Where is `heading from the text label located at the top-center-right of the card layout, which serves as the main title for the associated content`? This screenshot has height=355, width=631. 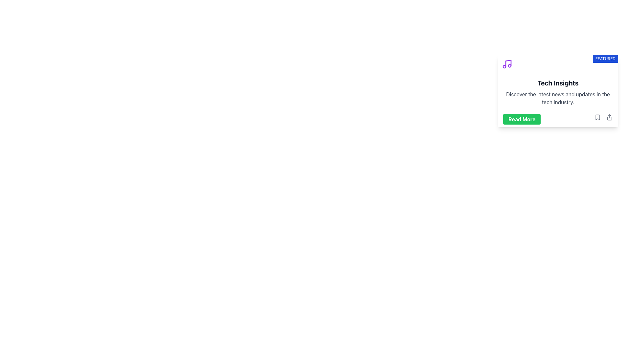 heading from the text label located at the top-center-right of the card layout, which serves as the main title for the associated content is located at coordinates (558, 83).